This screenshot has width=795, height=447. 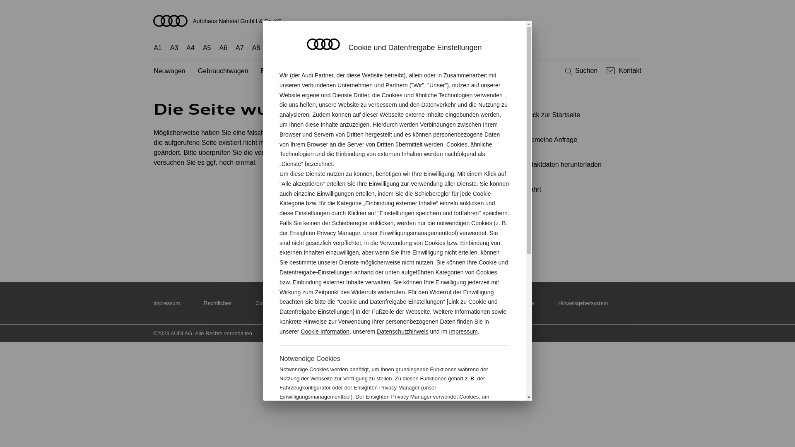 What do you see at coordinates (217, 303) in the screenshot?
I see `'Rechtliches'` at bounding box center [217, 303].